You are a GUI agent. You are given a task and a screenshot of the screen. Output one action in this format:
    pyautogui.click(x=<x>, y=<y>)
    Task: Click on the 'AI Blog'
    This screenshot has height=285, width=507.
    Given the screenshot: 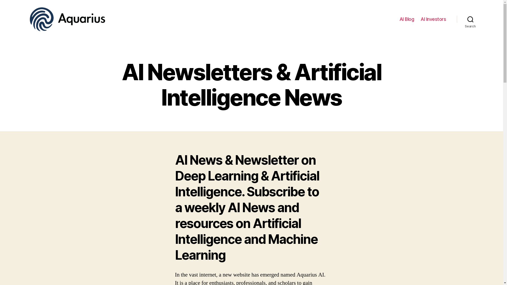 What is the action you would take?
    pyautogui.click(x=406, y=19)
    